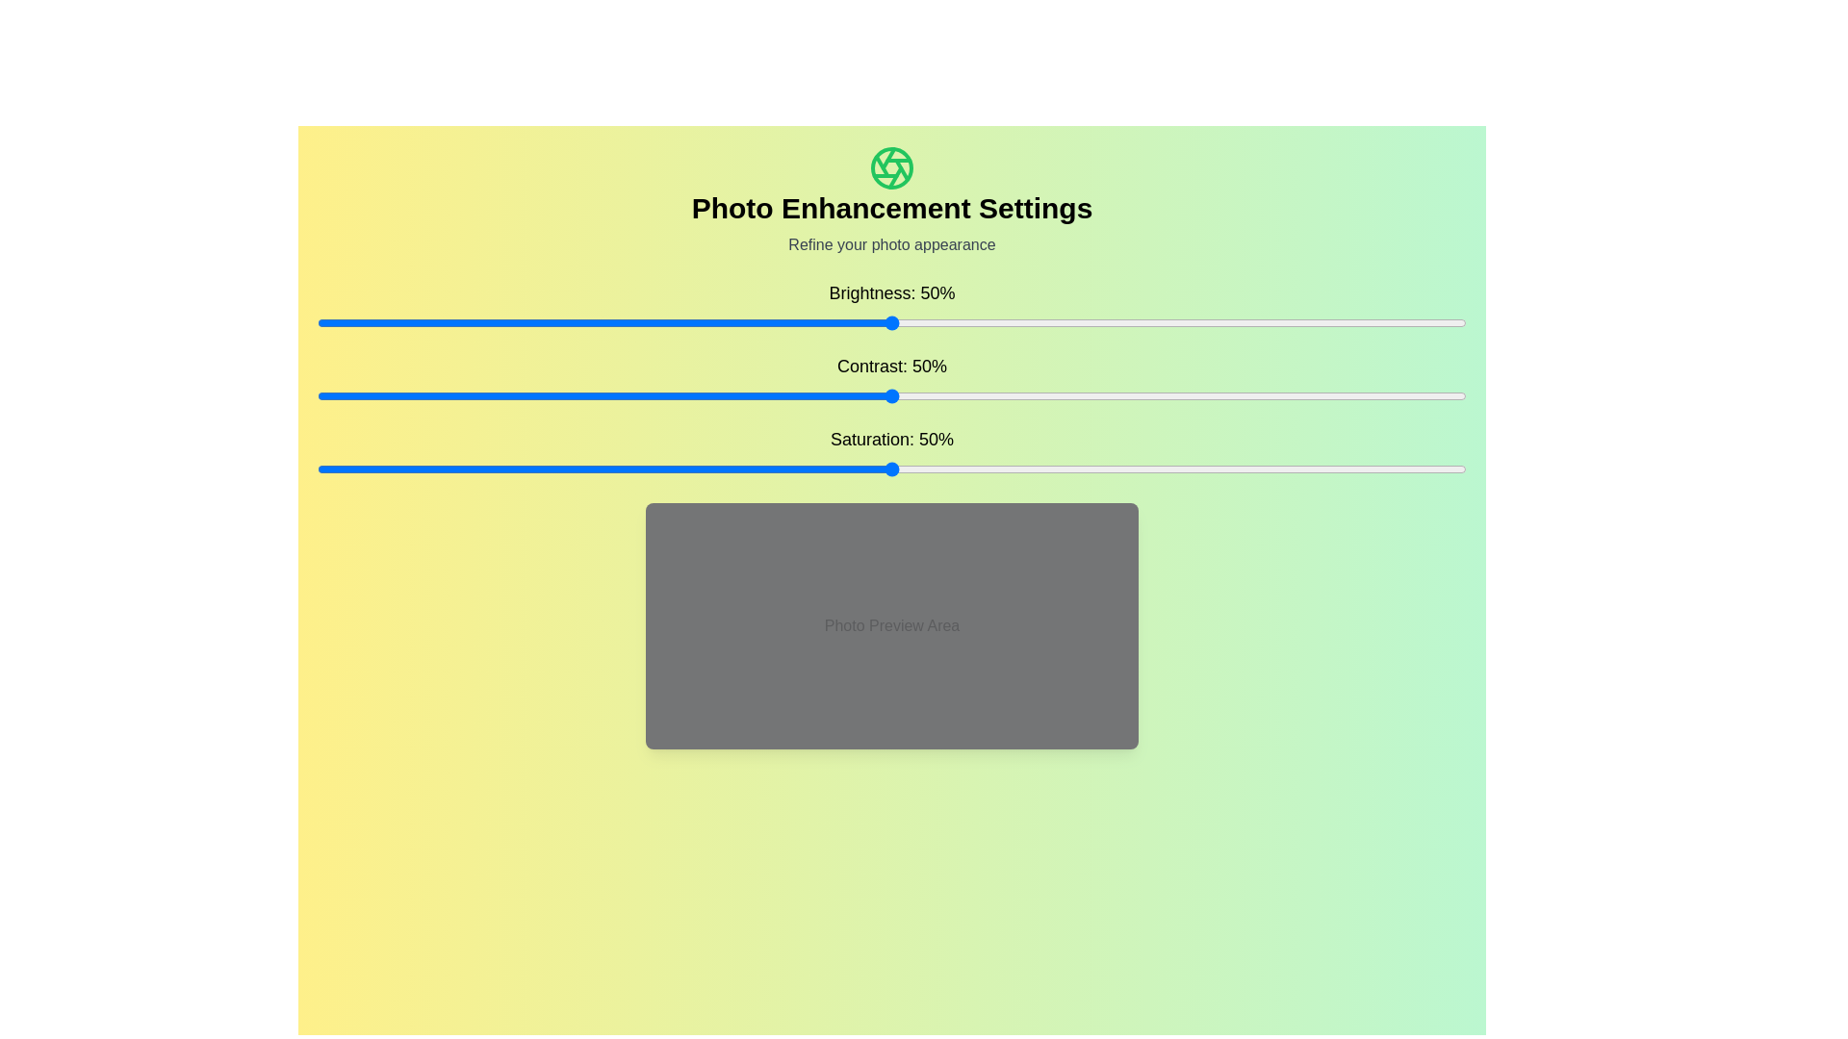 The width and height of the screenshot is (1848, 1039). Describe the element at coordinates (524, 469) in the screenshot. I see `the saturation slider to 18%` at that location.